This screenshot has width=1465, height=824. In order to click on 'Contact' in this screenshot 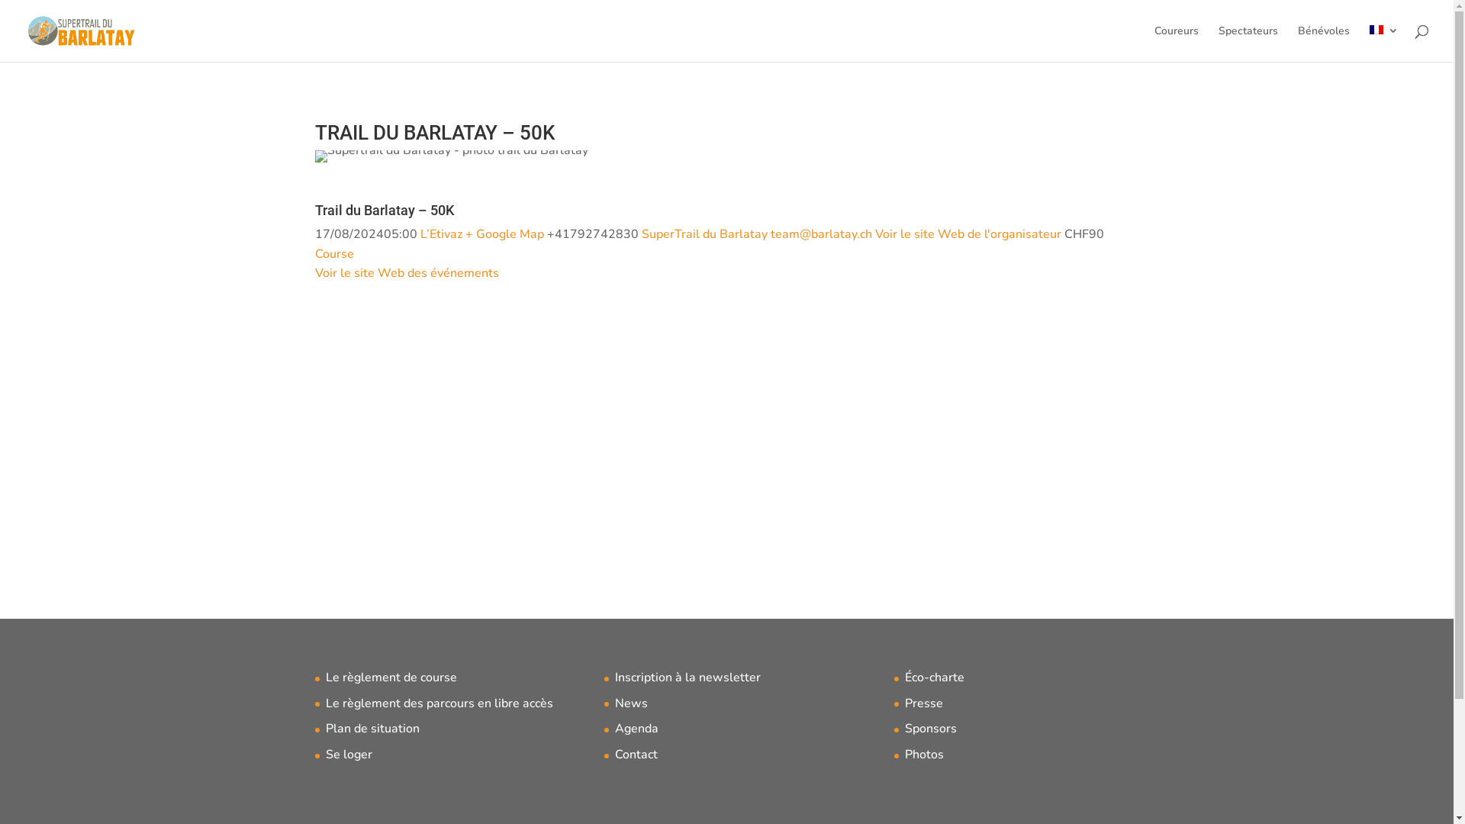, I will do `click(636, 753)`.